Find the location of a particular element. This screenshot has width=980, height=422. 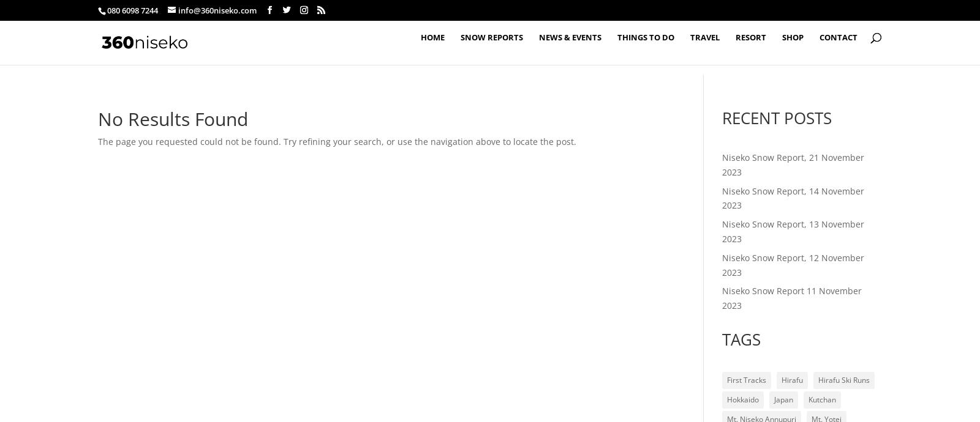

'info@360niseko.com' is located at coordinates (178, 10).